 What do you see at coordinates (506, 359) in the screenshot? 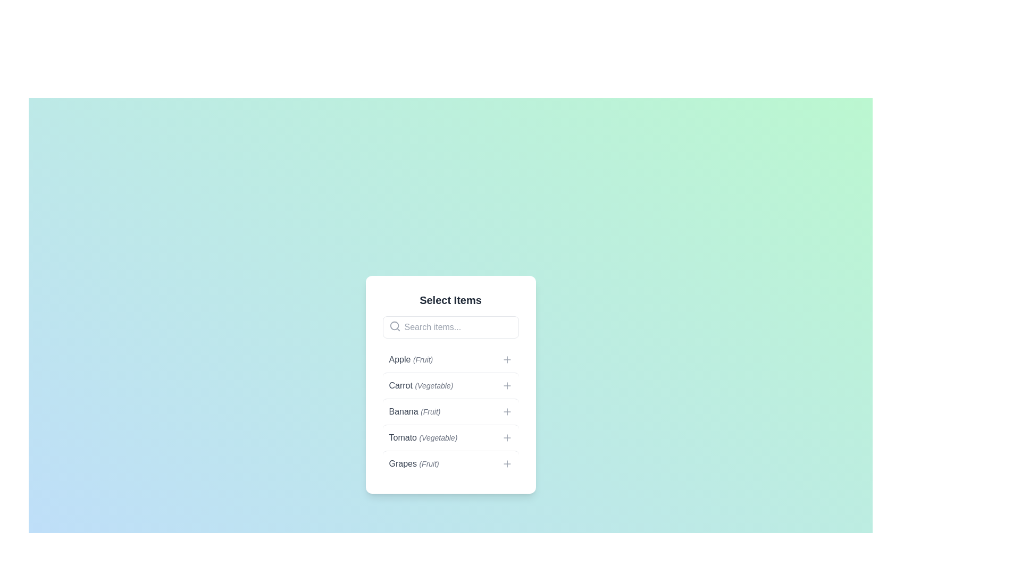
I see `the gray plus sign icon button located within the 'Apple (Fruit)' list entry` at bounding box center [506, 359].